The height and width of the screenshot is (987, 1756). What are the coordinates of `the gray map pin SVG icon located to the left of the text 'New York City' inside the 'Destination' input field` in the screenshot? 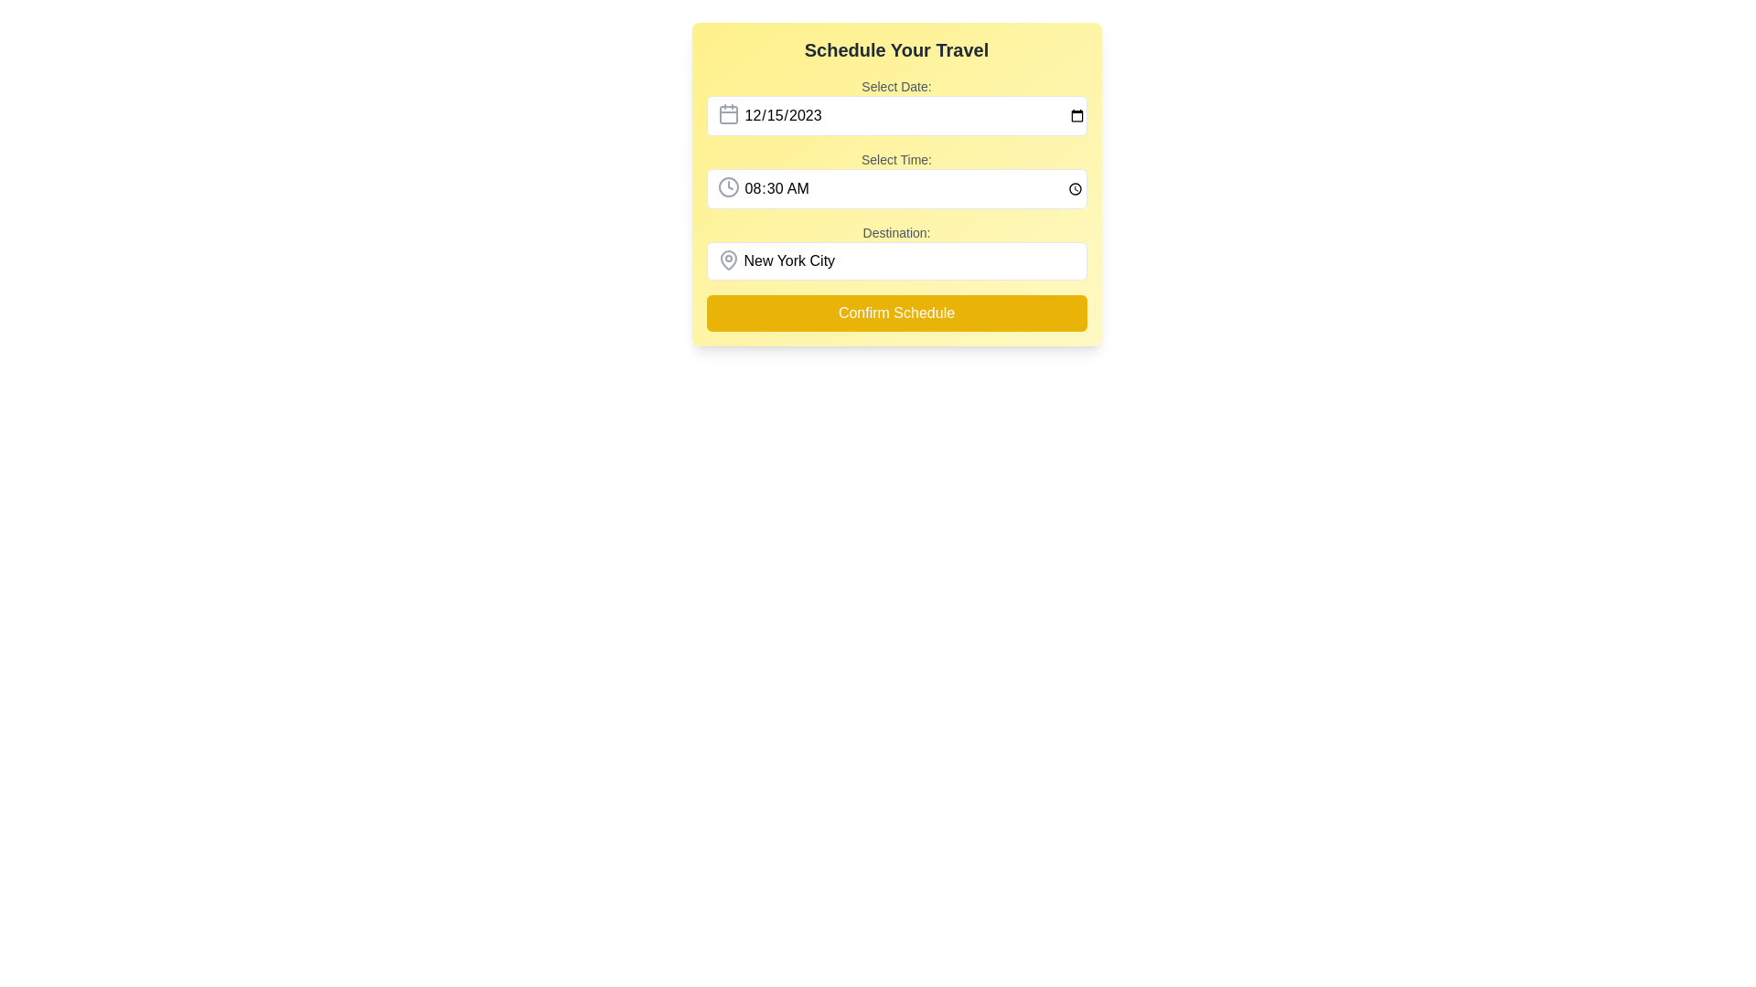 It's located at (727, 260).